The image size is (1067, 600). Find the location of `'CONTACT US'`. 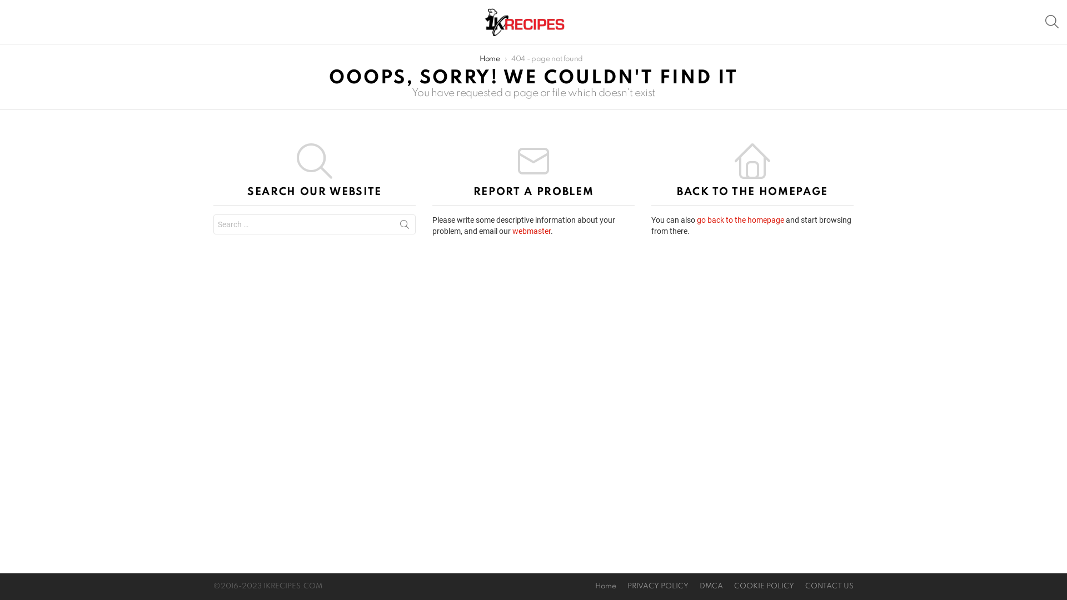

'CONTACT US' is located at coordinates (829, 586).